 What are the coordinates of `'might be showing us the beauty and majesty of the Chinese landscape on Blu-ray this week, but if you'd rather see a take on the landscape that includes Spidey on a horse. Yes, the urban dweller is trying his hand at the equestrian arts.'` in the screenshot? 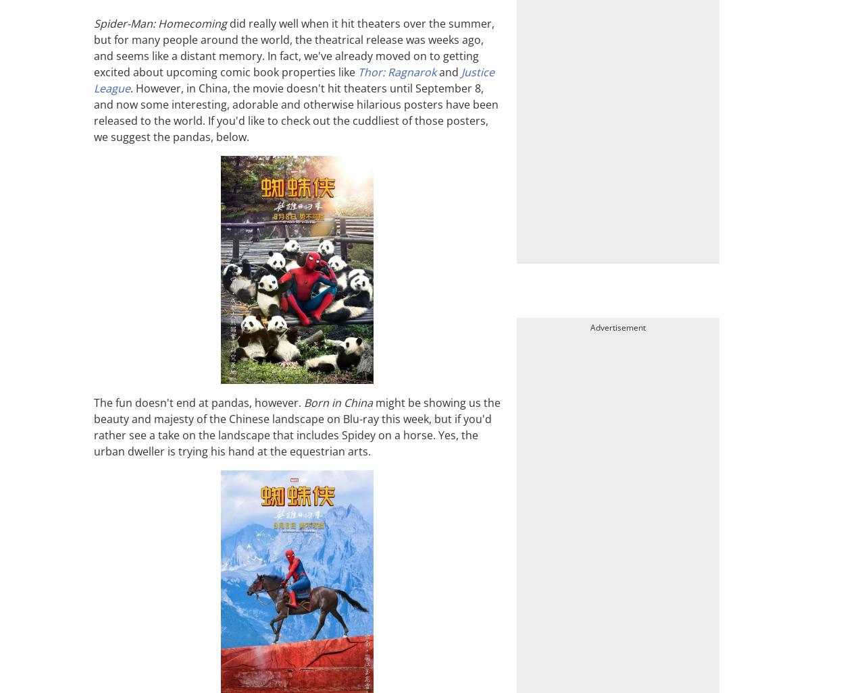 It's located at (94, 426).